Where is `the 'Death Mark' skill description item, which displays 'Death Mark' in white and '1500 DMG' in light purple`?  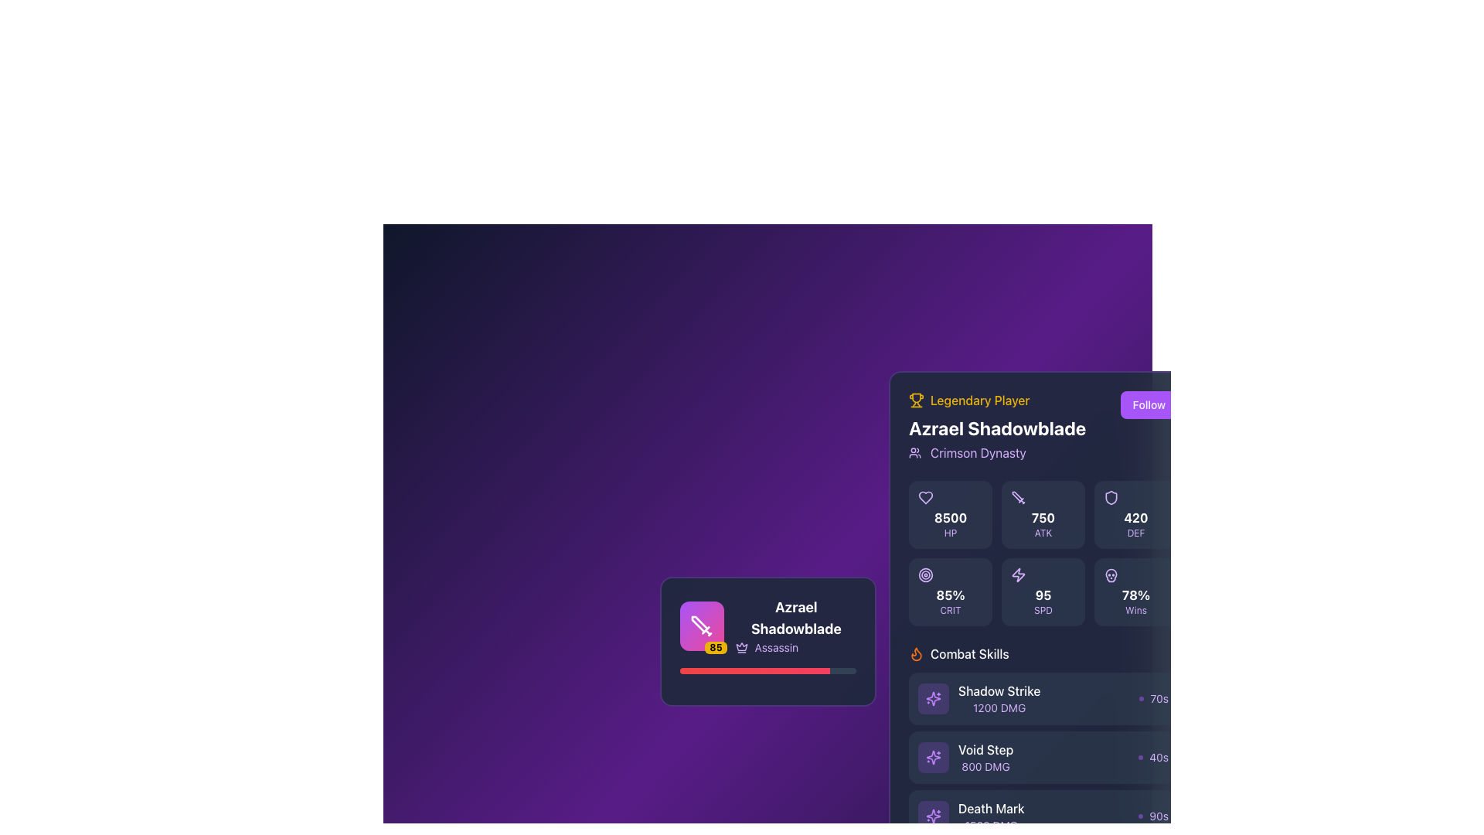 the 'Death Mark' skill description item, which displays 'Death Mark' in white and '1500 DMG' in light purple is located at coordinates (970, 816).